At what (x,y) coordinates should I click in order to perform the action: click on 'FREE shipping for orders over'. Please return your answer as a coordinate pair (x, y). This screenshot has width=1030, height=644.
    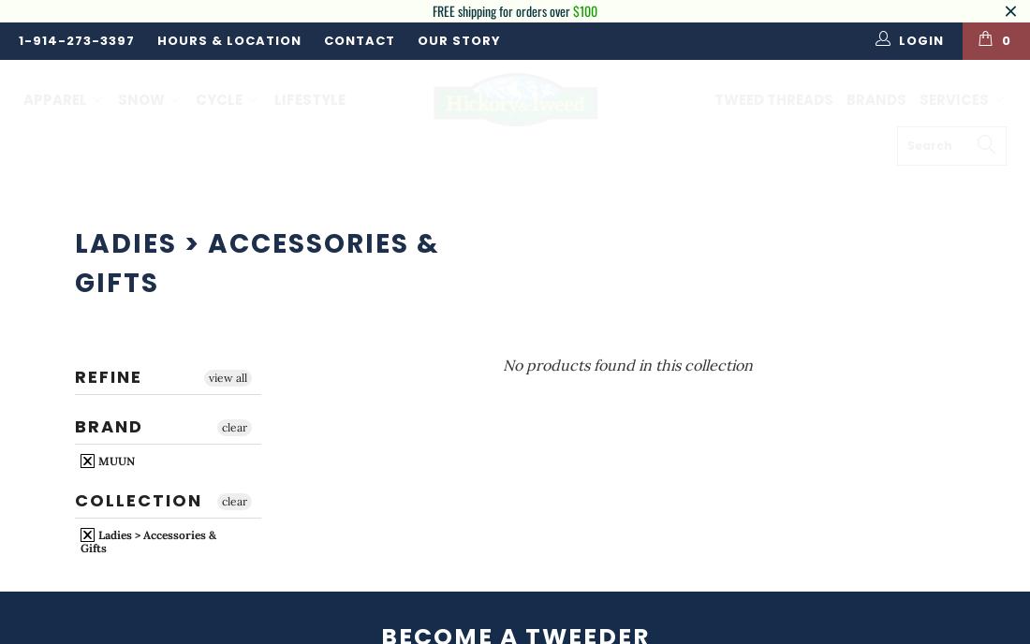
    Looking at the image, I should click on (503, 10).